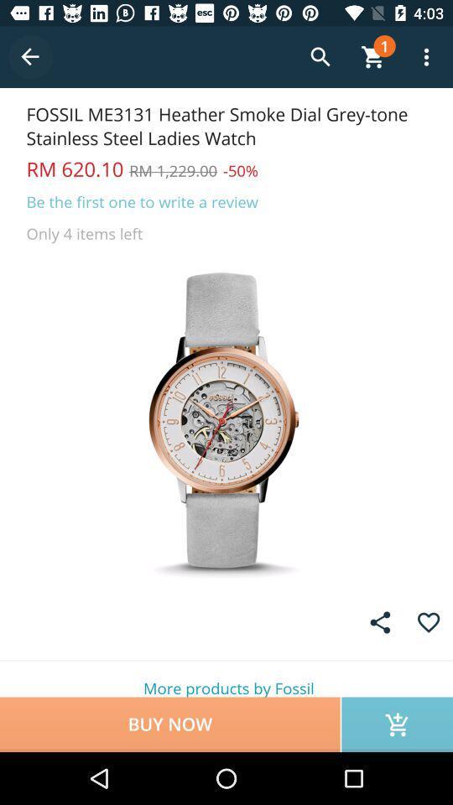  What do you see at coordinates (30, 57) in the screenshot?
I see `go back` at bounding box center [30, 57].